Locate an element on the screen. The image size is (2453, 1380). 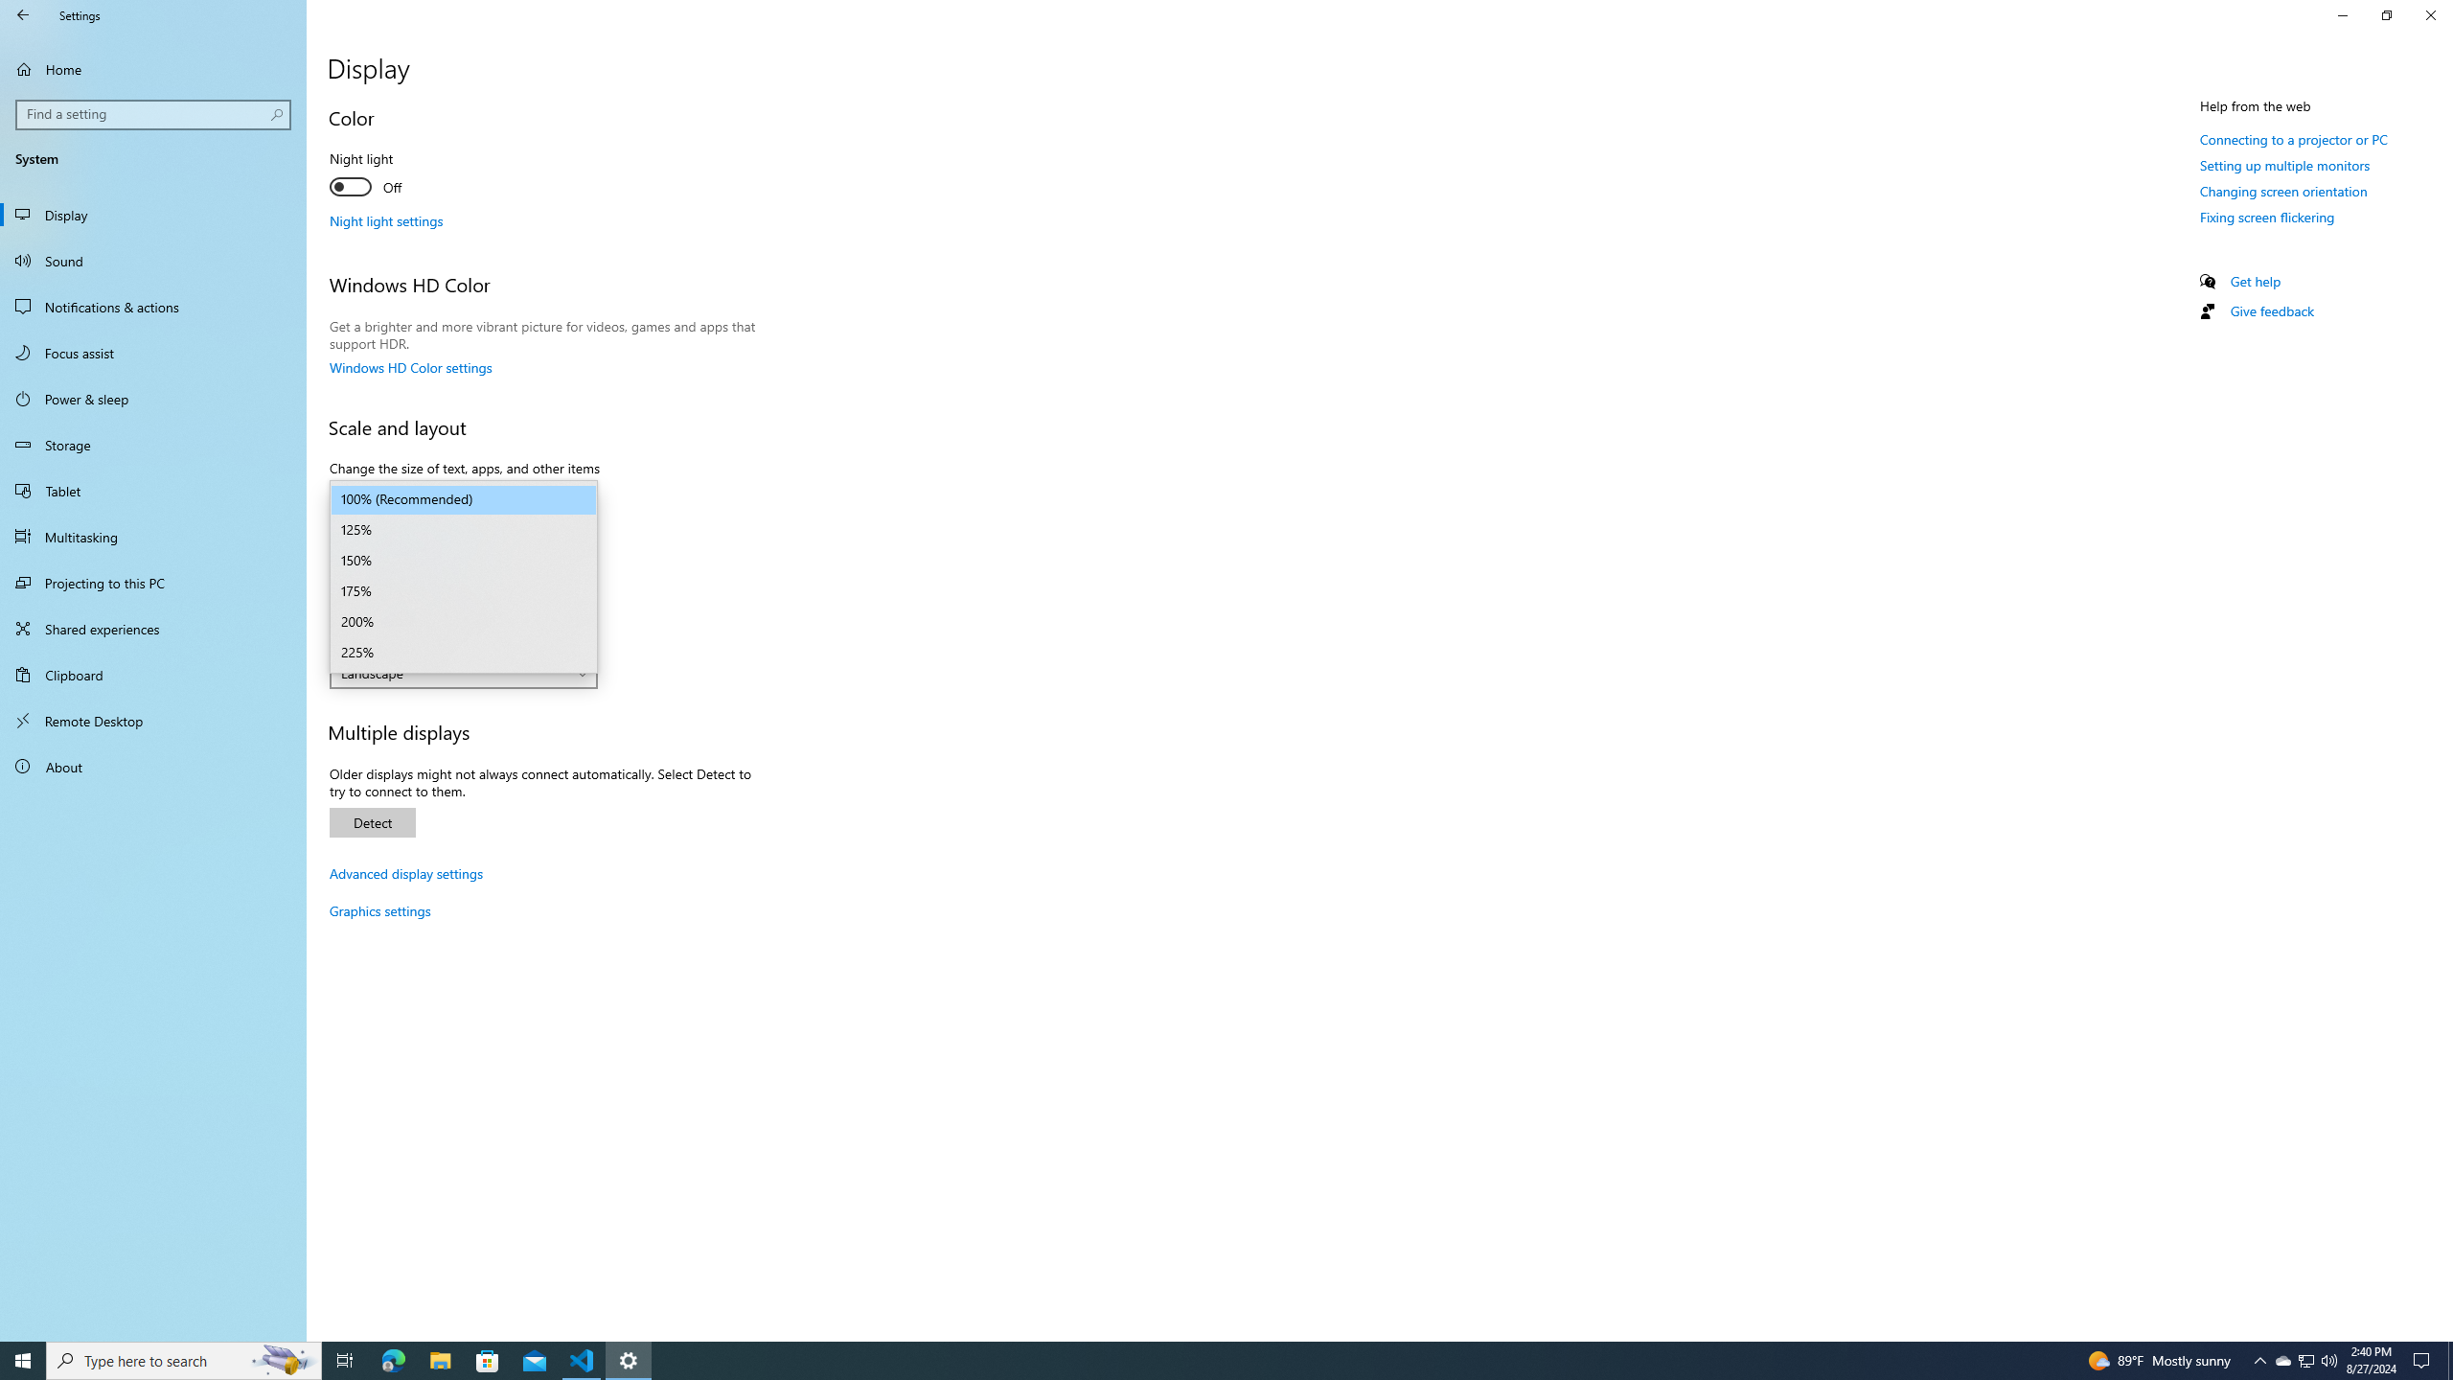
'Shared experiences' is located at coordinates (152, 627).